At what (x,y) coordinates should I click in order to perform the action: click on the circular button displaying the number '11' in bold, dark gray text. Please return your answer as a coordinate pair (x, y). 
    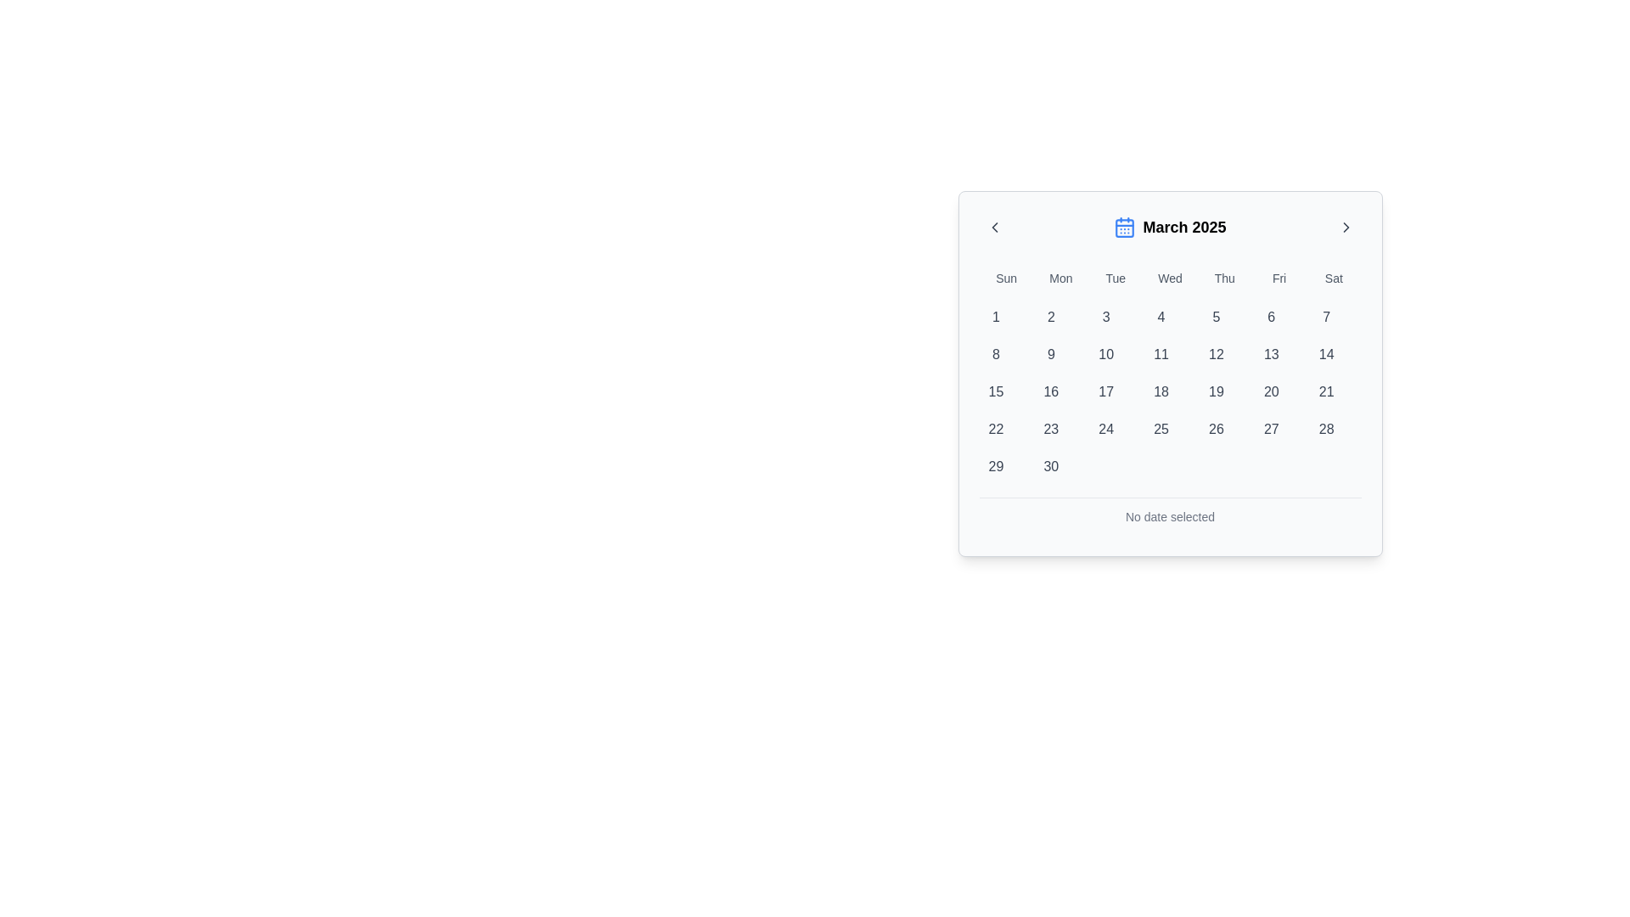
    Looking at the image, I should click on (1161, 353).